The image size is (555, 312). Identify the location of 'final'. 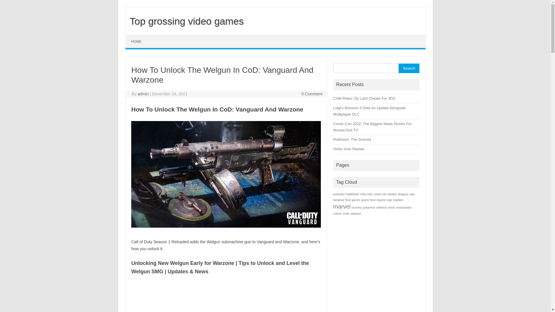
(347, 200).